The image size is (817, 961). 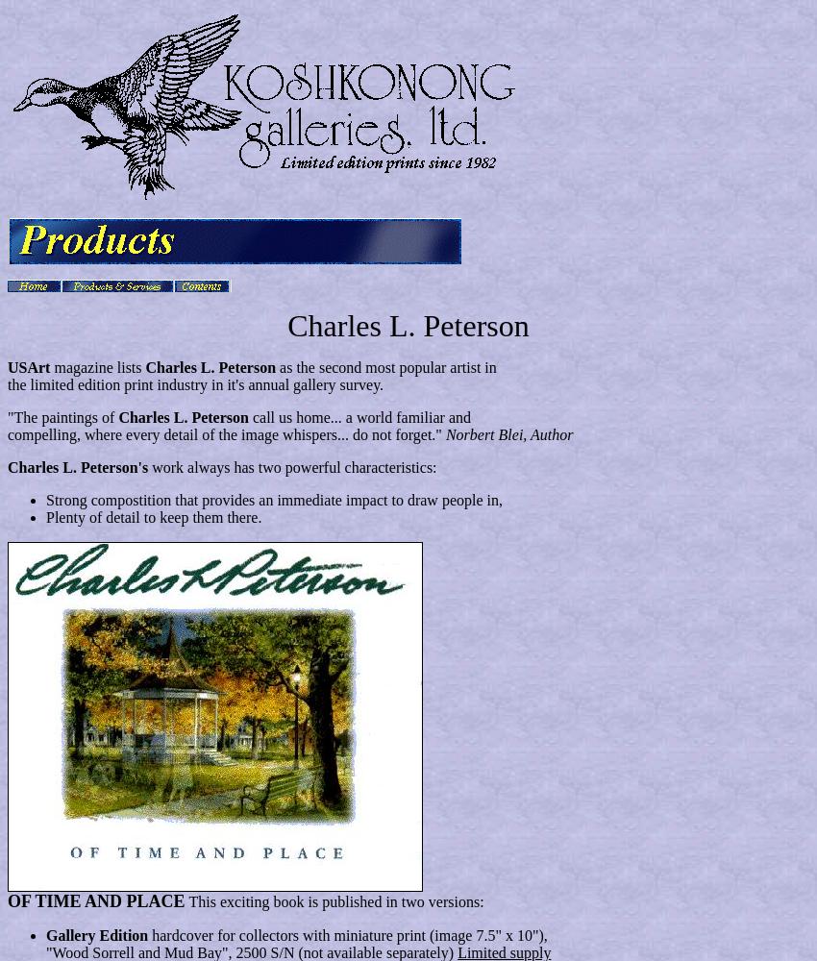 I want to click on 'compelling, where every detail of the image whispers... do not
forget."', so click(x=226, y=433).